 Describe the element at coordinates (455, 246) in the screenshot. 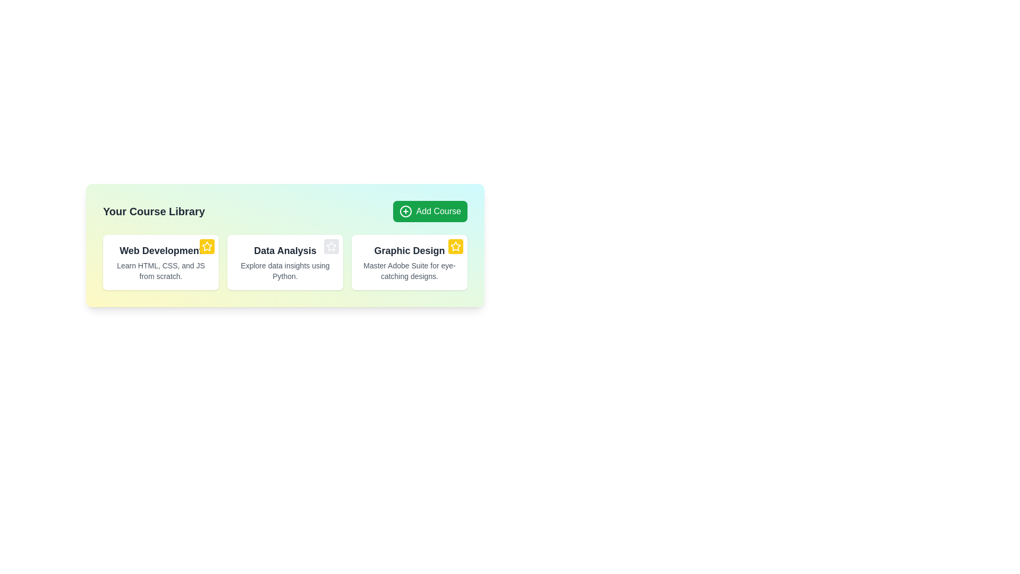

I see `the rating or favorite indicator icon located in the top-right corner of the 'Web Development' card in the course library` at that location.